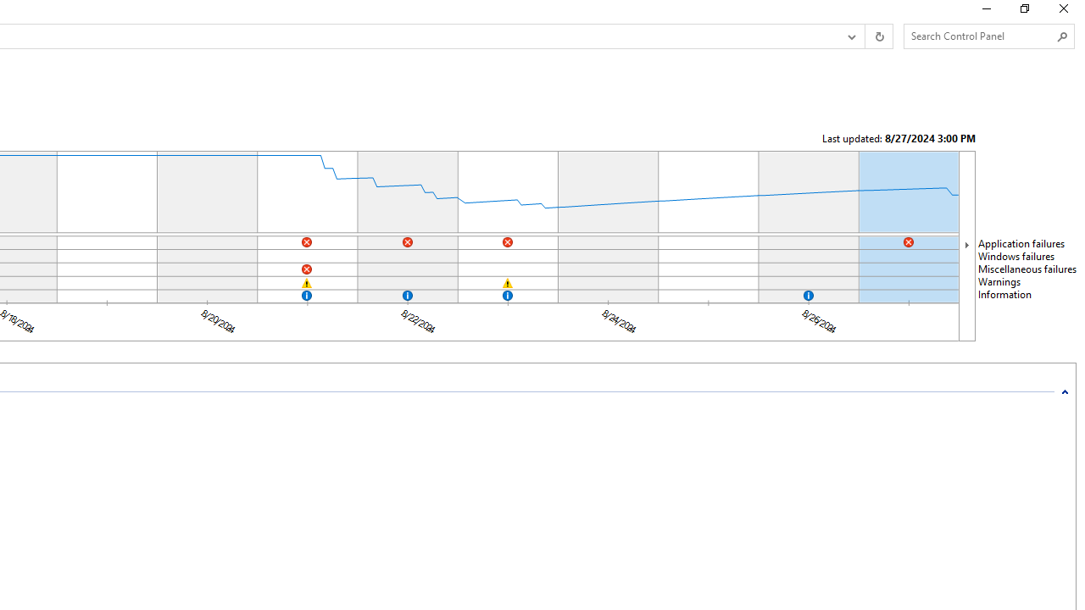 The image size is (1085, 610). What do you see at coordinates (966, 245) in the screenshot?
I see `'ScrollRight'` at bounding box center [966, 245].